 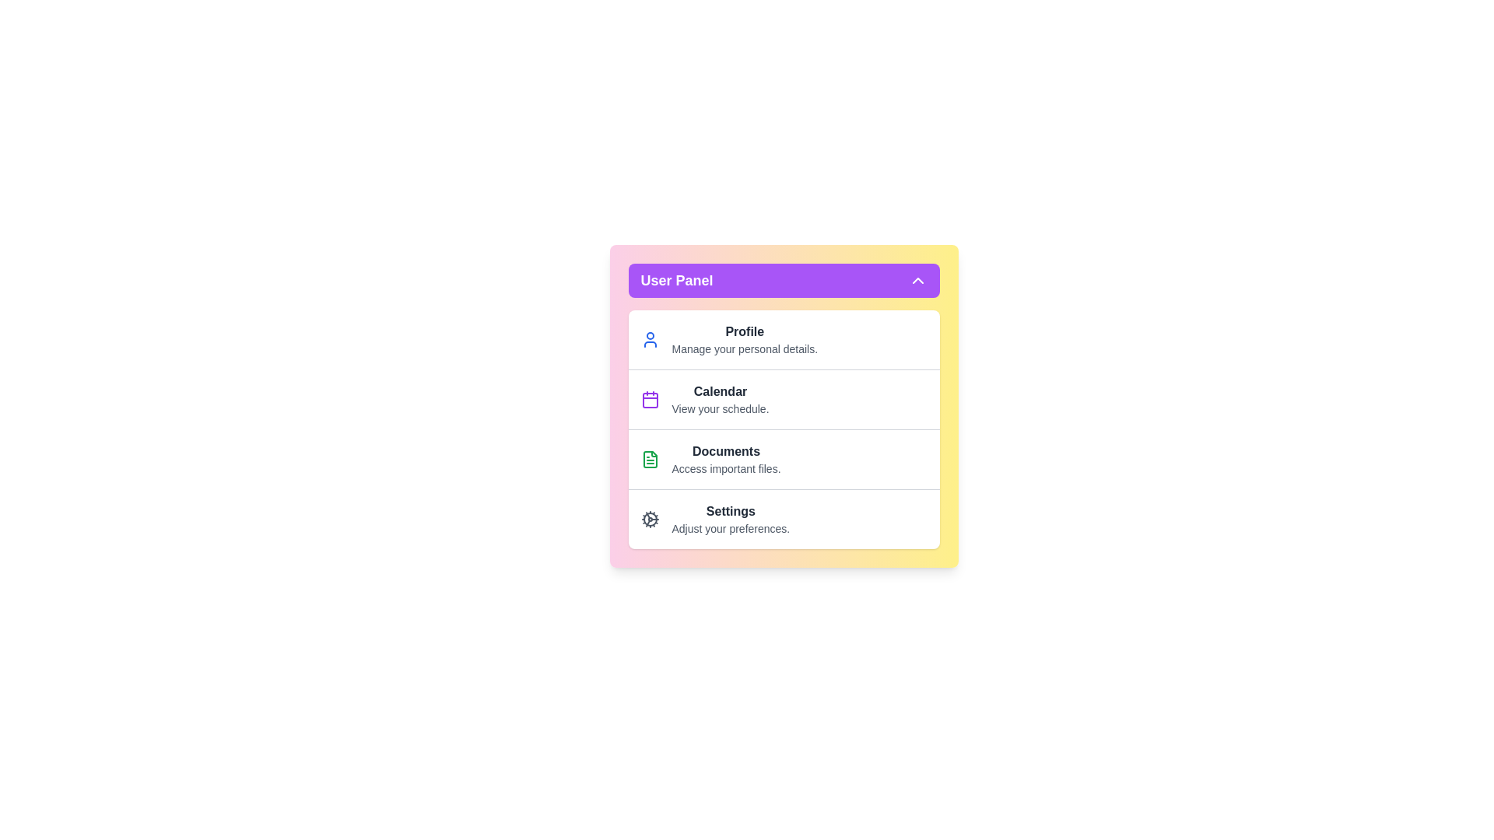 I want to click on the subtitle text label located under the bolded 'Settings' title within the yellow-bordered section of the User Panel, so click(x=730, y=527).